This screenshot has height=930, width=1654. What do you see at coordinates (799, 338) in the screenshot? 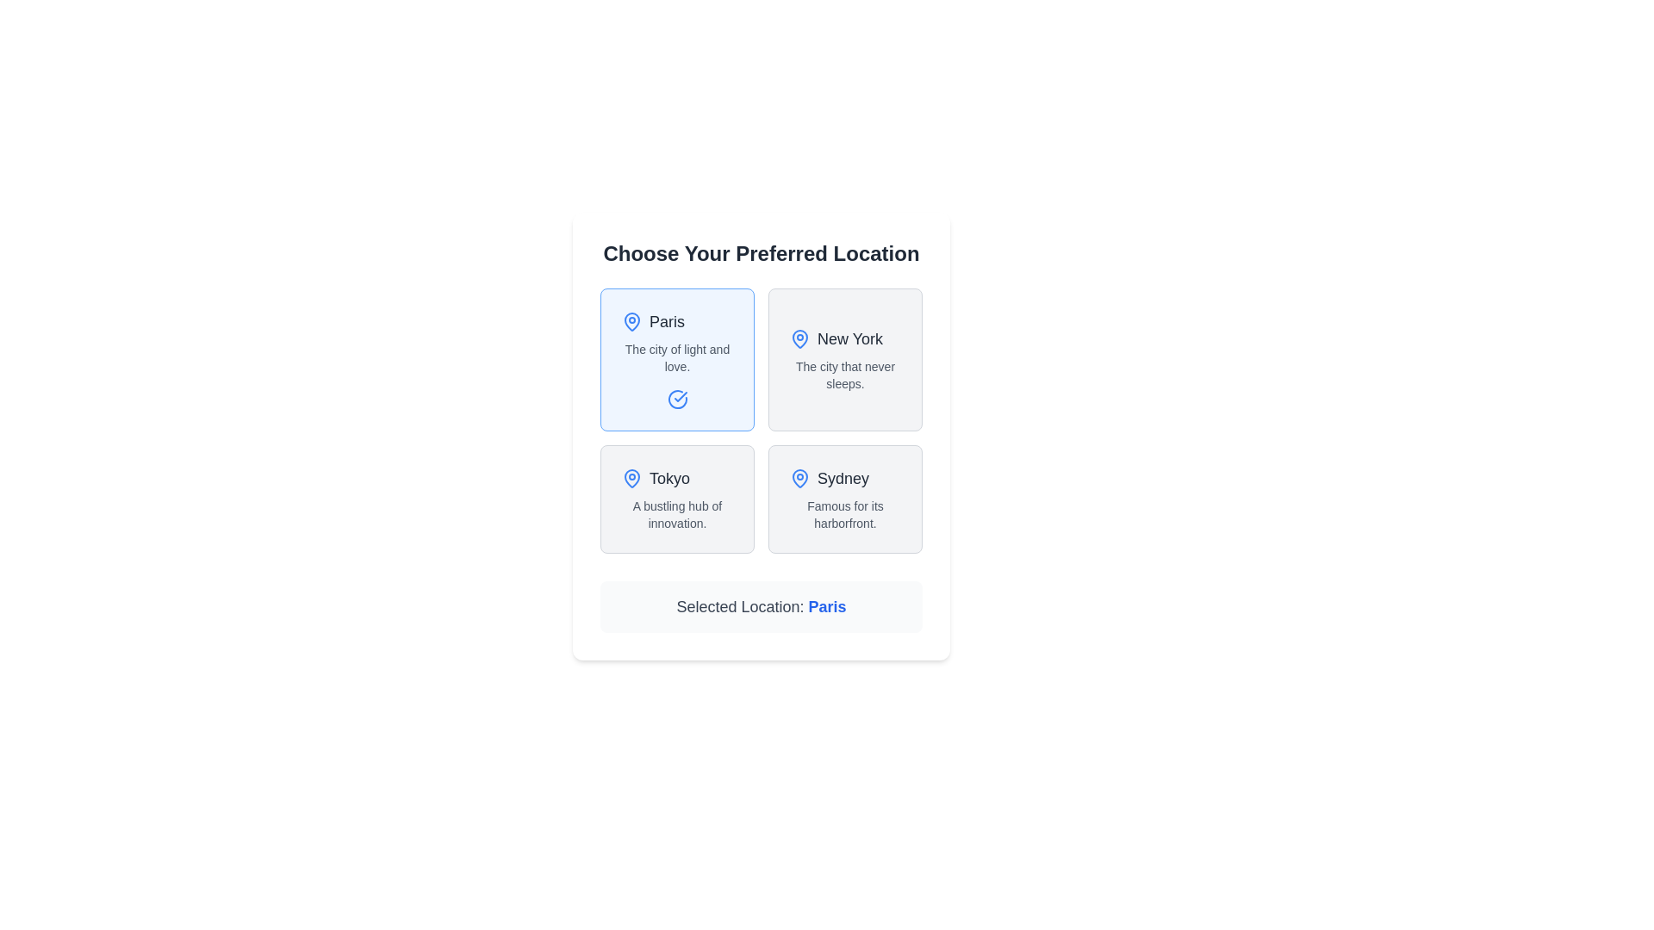
I see `the 'Paris' selection icon, which visually represents the current selection in the upper-left corner of the selection box` at bounding box center [799, 338].